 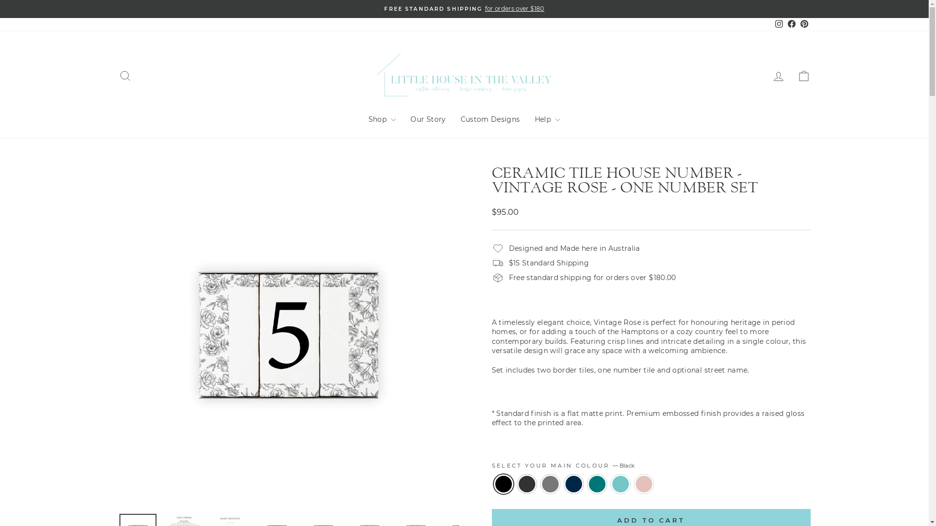 What do you see at coordinates (804, 24) in the screenshot?
I see `'Pinterest'` at bounding box center [804, 24].